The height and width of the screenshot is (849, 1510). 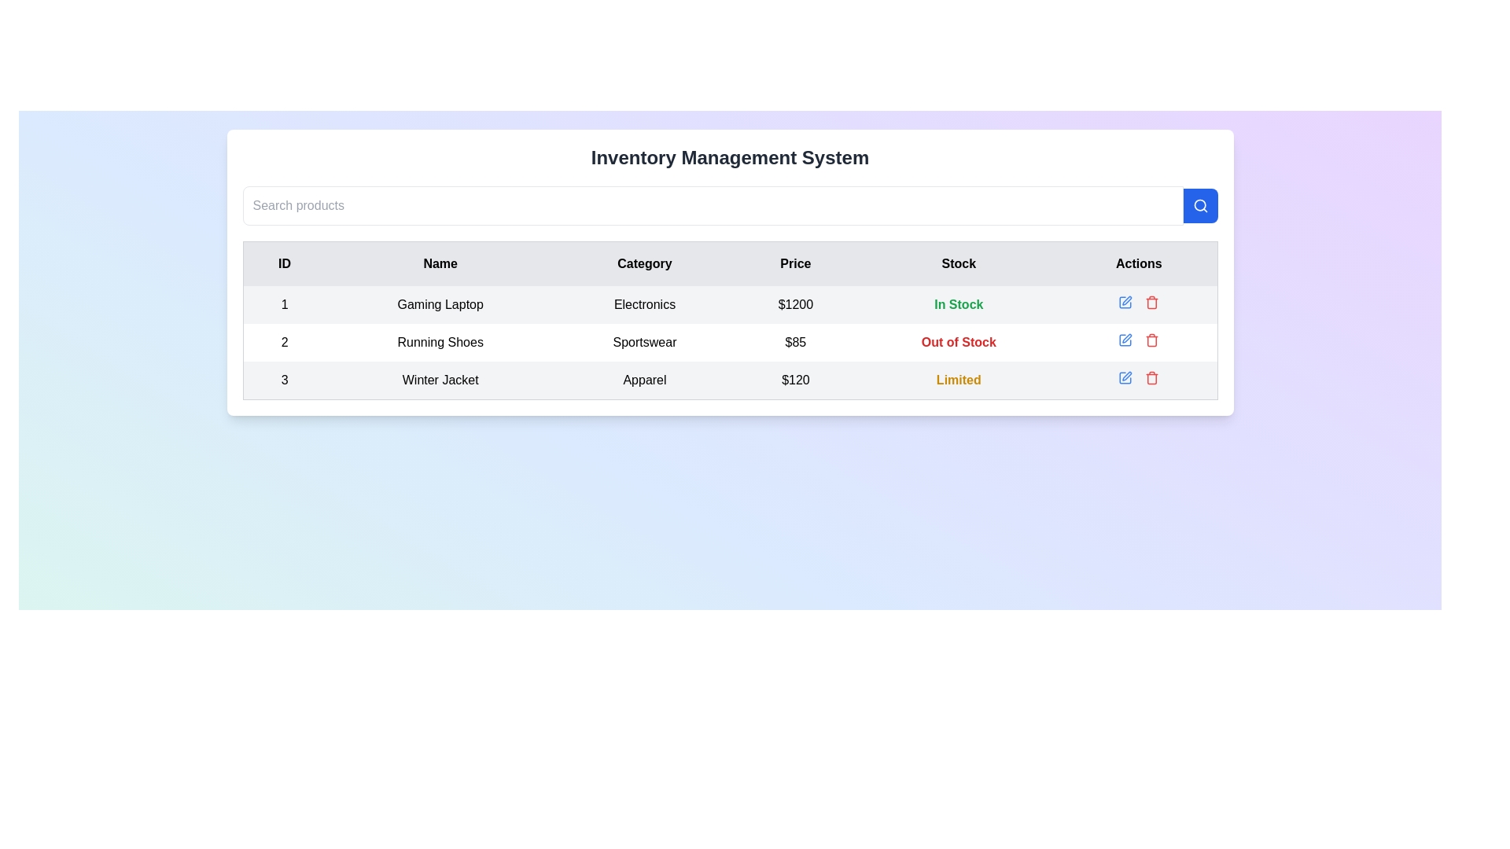 I want to click on the centered text label with the word 'Name' in bold, located in the second column header of the table, between 'ID' and 'Category', so click(x=440, y=263).